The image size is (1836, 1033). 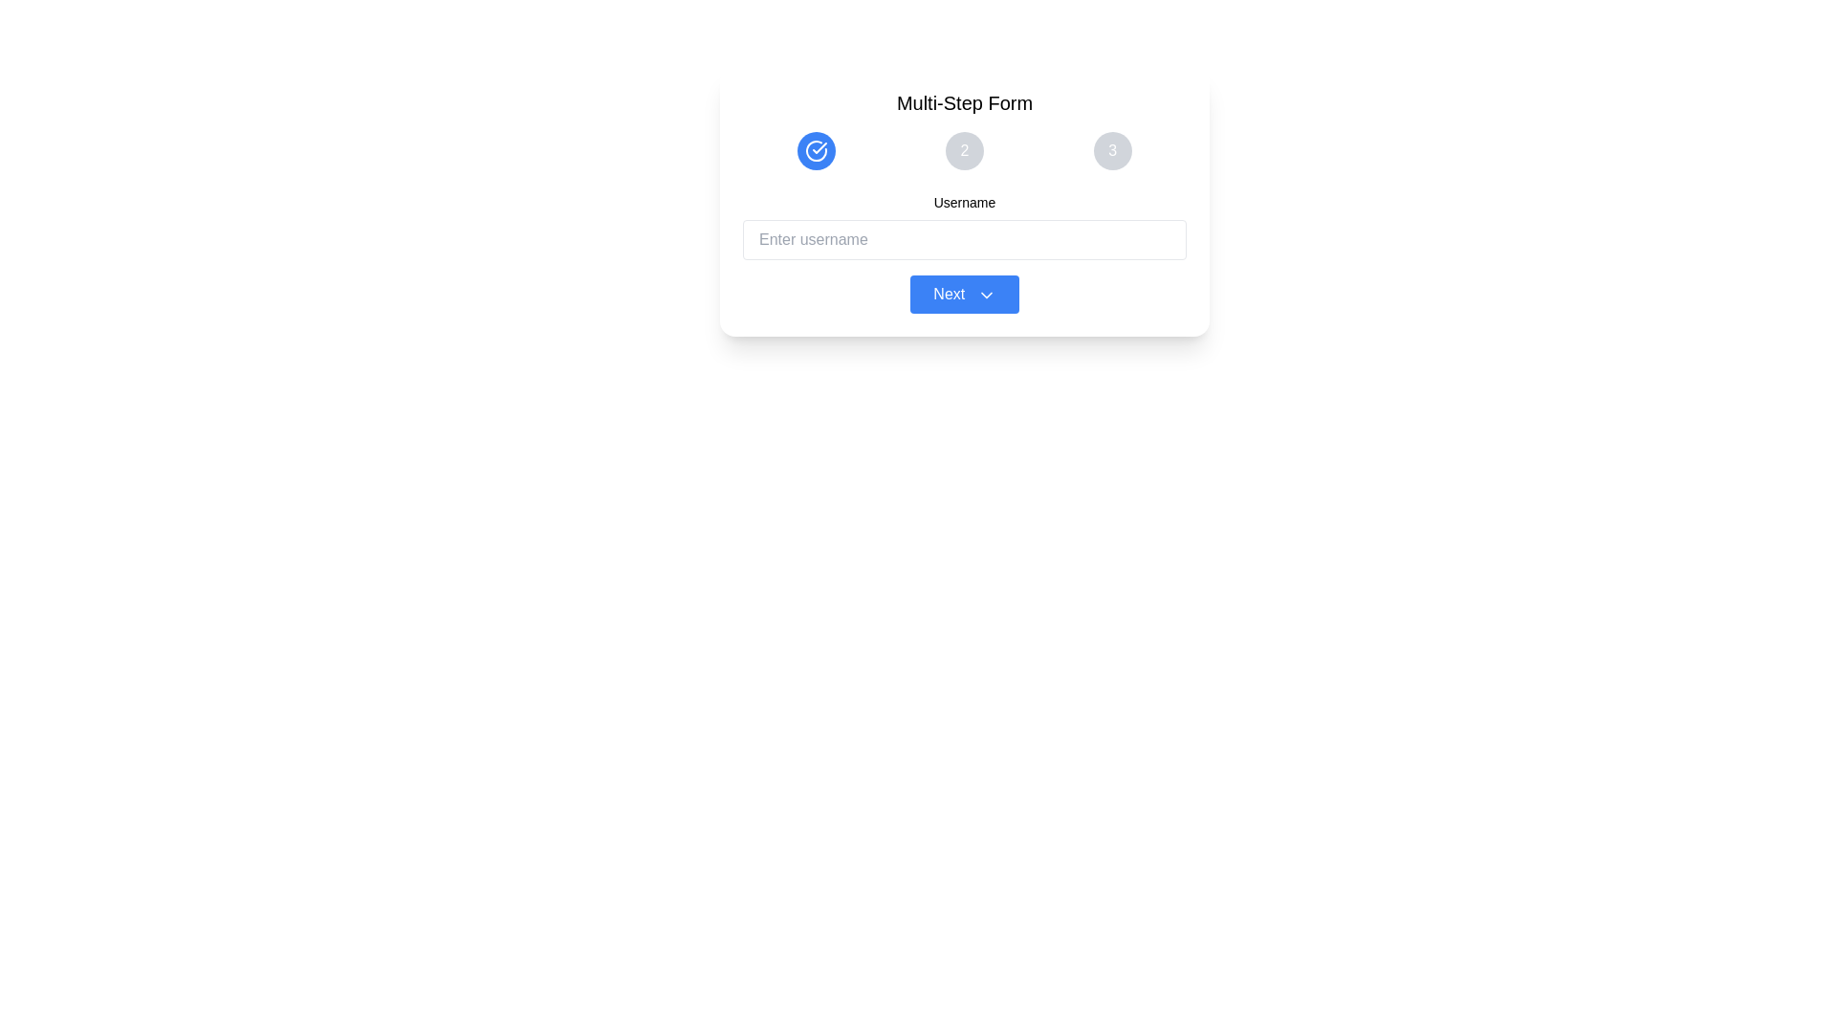 What do you see at coordinates (964, 150) in the screenshot?
I see `the circular step indicator button with the digit '2' in white at its center, which is part of a sequence of three circular buttons at the top center of the form interface` at bounding box center [964, 150].